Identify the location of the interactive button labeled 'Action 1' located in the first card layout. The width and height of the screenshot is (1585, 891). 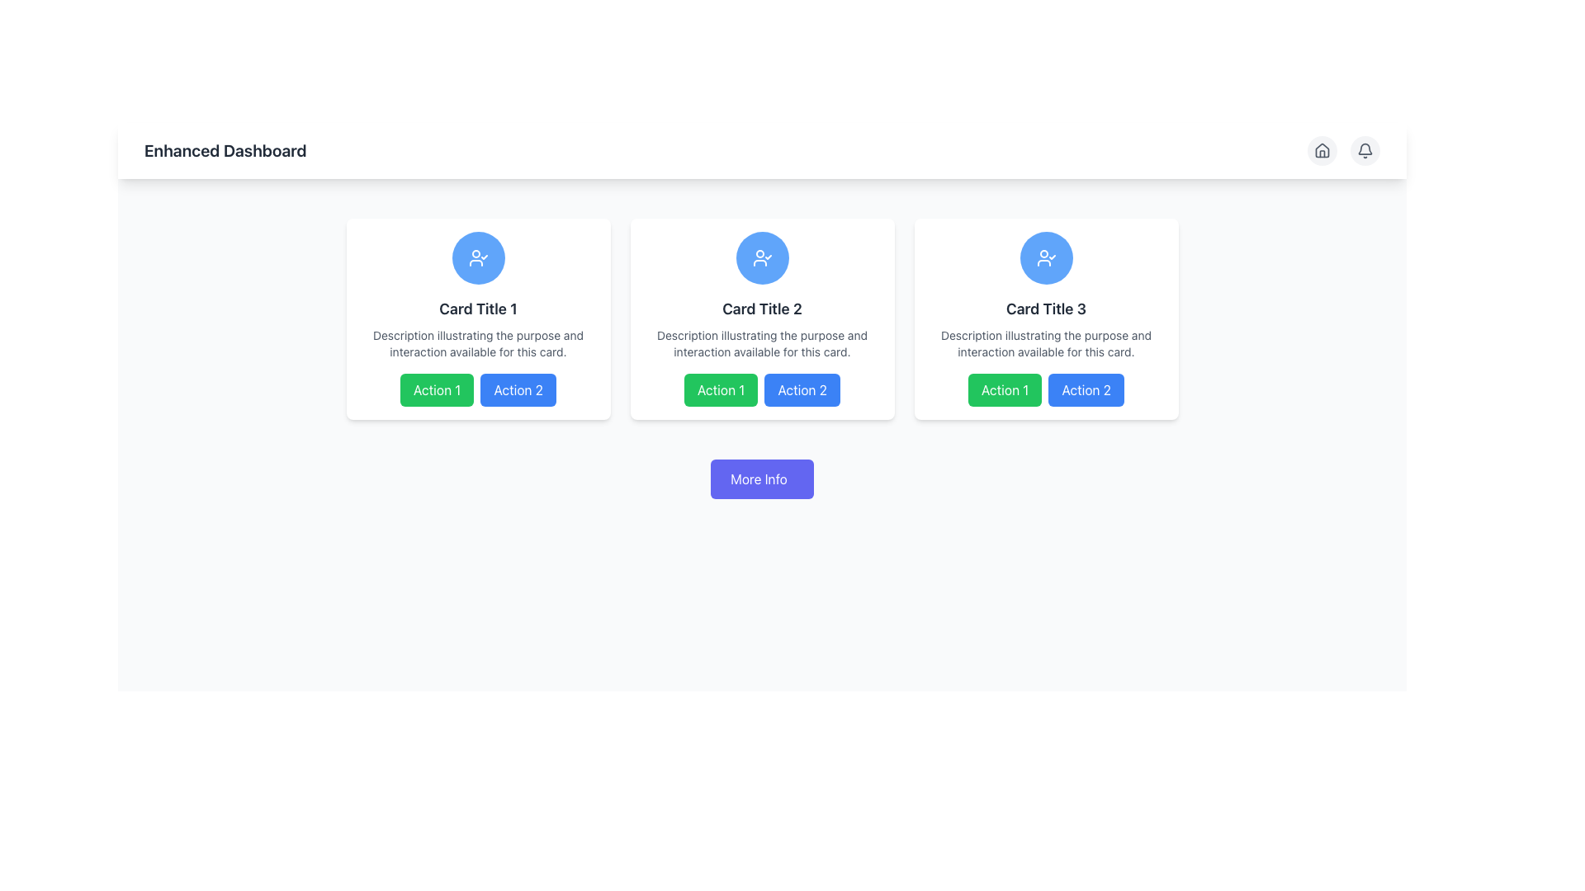
(437, 390).